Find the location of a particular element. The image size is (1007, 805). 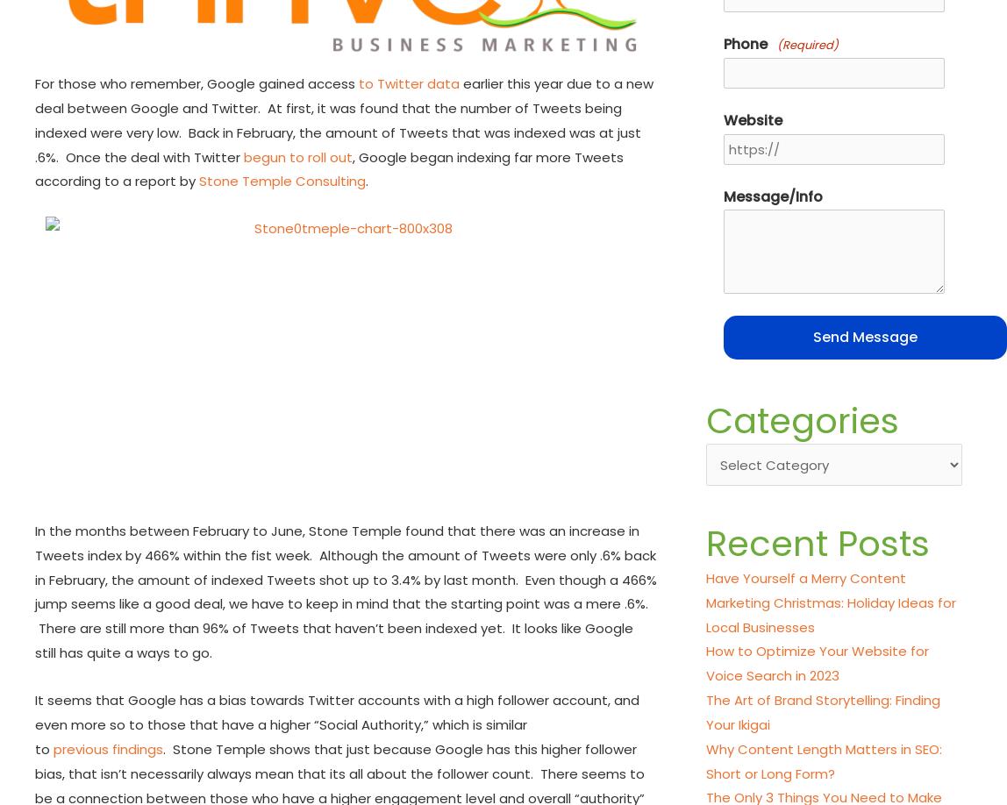

'(Required)' is located at coordinates (807, 44).